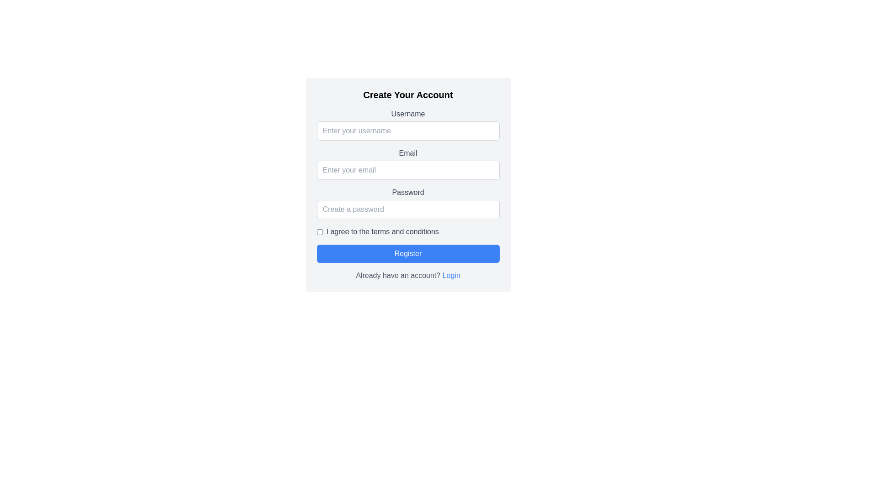 This screenshot has height=493, width=877. Describe the element at coordinates (407, 275) in the screenshot. I see `text element that contains the message 'Already have an account? Login', which is styled with gray font and has a blue clickable link for 'Login'` at that location.